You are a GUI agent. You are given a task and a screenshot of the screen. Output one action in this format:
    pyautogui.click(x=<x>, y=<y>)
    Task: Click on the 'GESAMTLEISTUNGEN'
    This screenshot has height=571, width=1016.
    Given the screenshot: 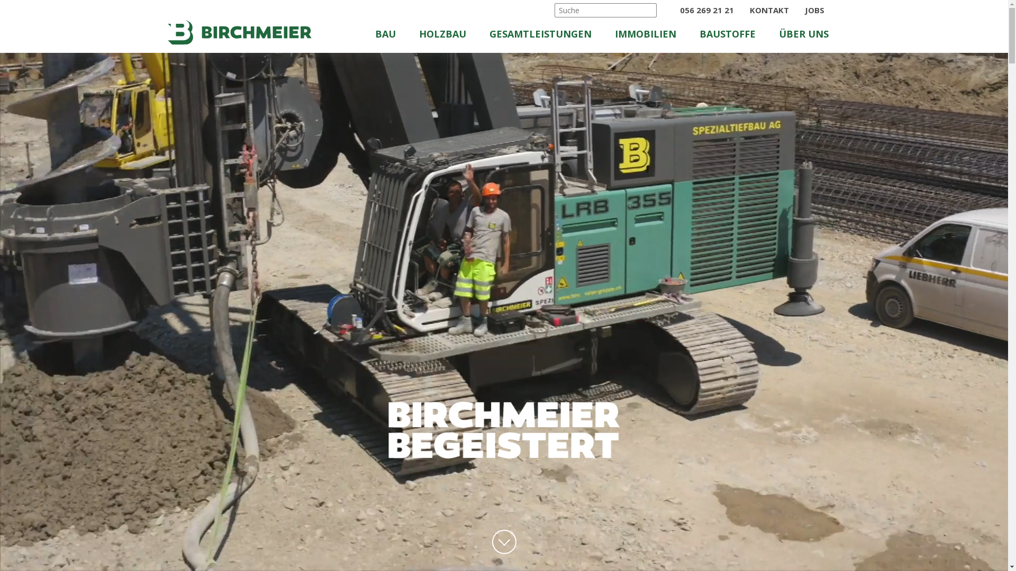 What is the action you would take?
    pyautogui.click(x=547, y=36)
    